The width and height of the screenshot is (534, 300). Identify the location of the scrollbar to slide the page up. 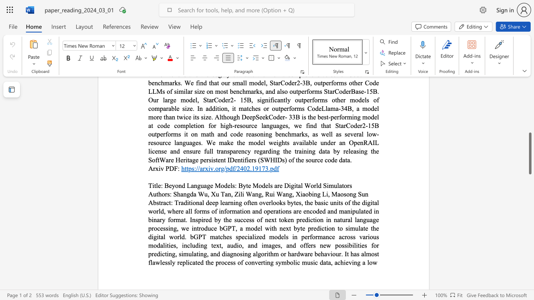
(529, 103).